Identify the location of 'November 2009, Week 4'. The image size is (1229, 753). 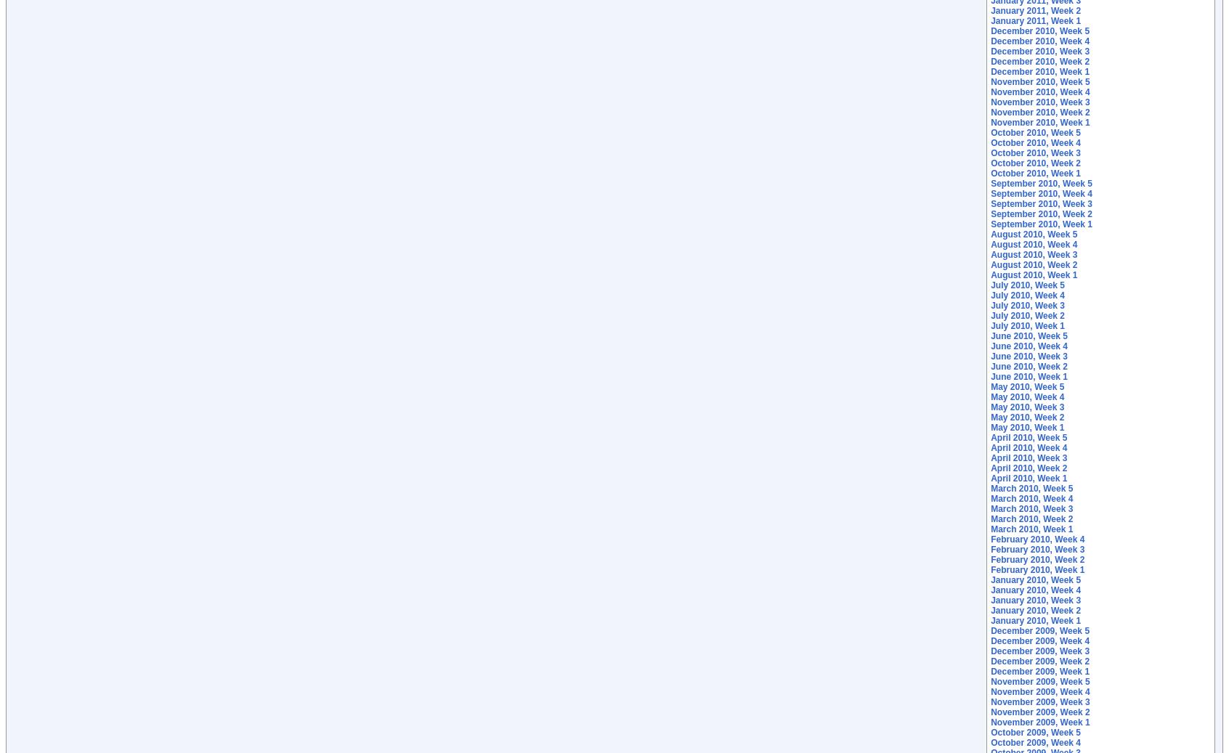
(1039, 692).